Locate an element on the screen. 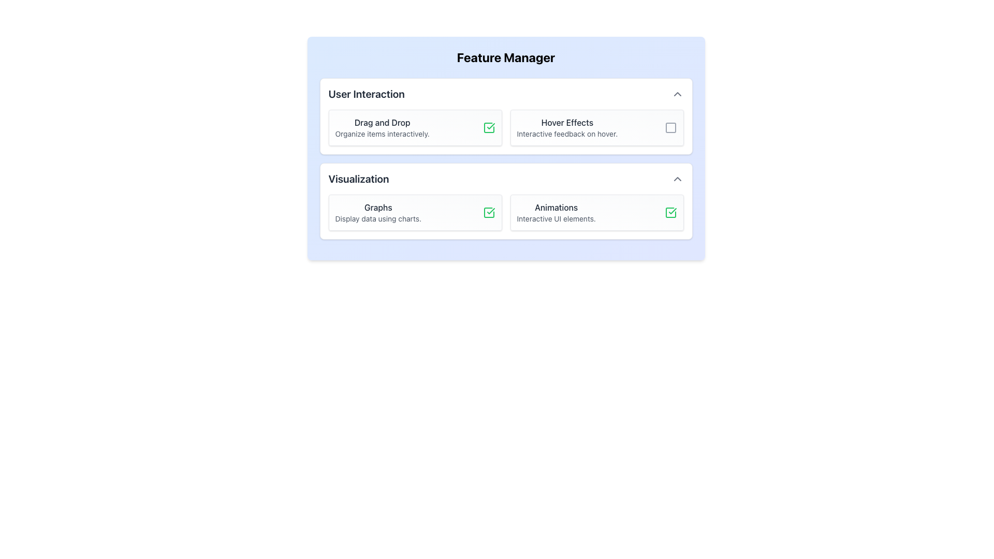  the unchecked checkbox in the right section of the Feature selector grid row is located at coordinates (506, 127).